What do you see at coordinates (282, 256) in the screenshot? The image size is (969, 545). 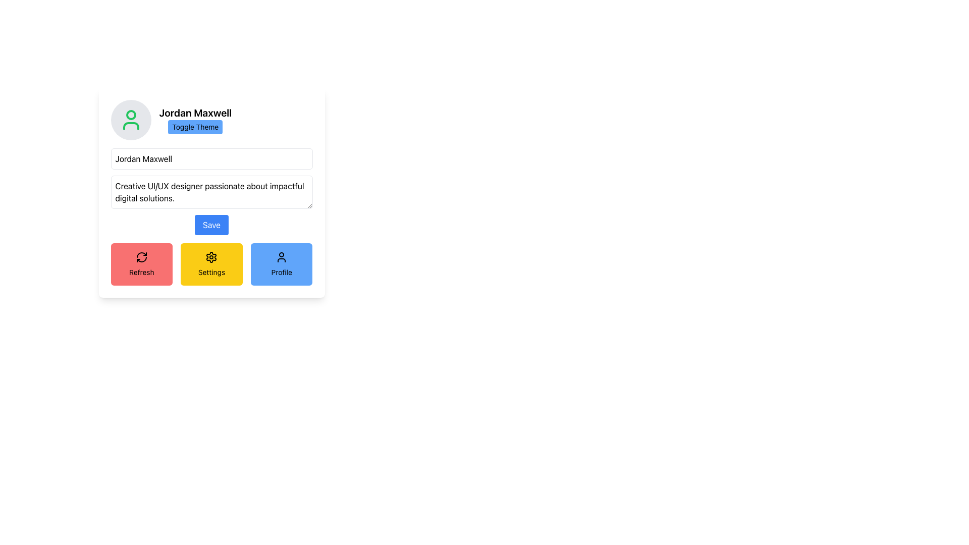 I see `the SVG icon located within the blue rectangular button above the text 'Profile'` at bounding box center [282, 256].